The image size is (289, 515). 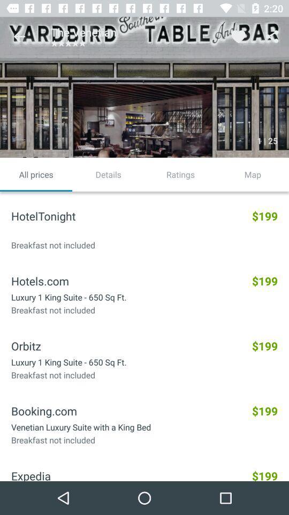 What do you see at coordinates (36, 174) in the screenshot?
I see `icon next to details item` at bounding box center [36, 174].